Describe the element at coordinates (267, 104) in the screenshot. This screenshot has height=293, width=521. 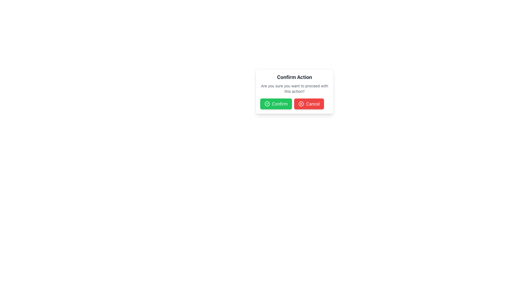
I see `the confirmation icon located to the left of the 'Confirm' button in the dialog box titled 'Confirm Action'` at that location.